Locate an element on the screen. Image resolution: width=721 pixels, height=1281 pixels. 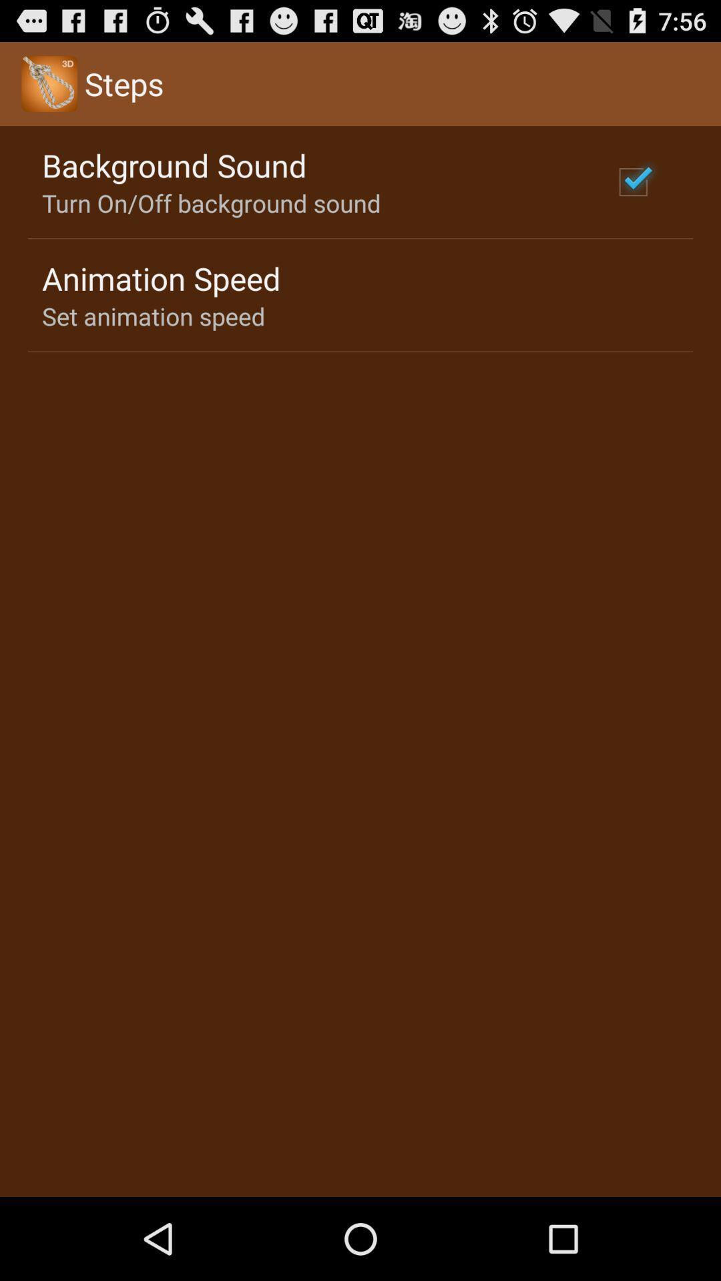
the turn on off item is located at coordinates (210, 202).